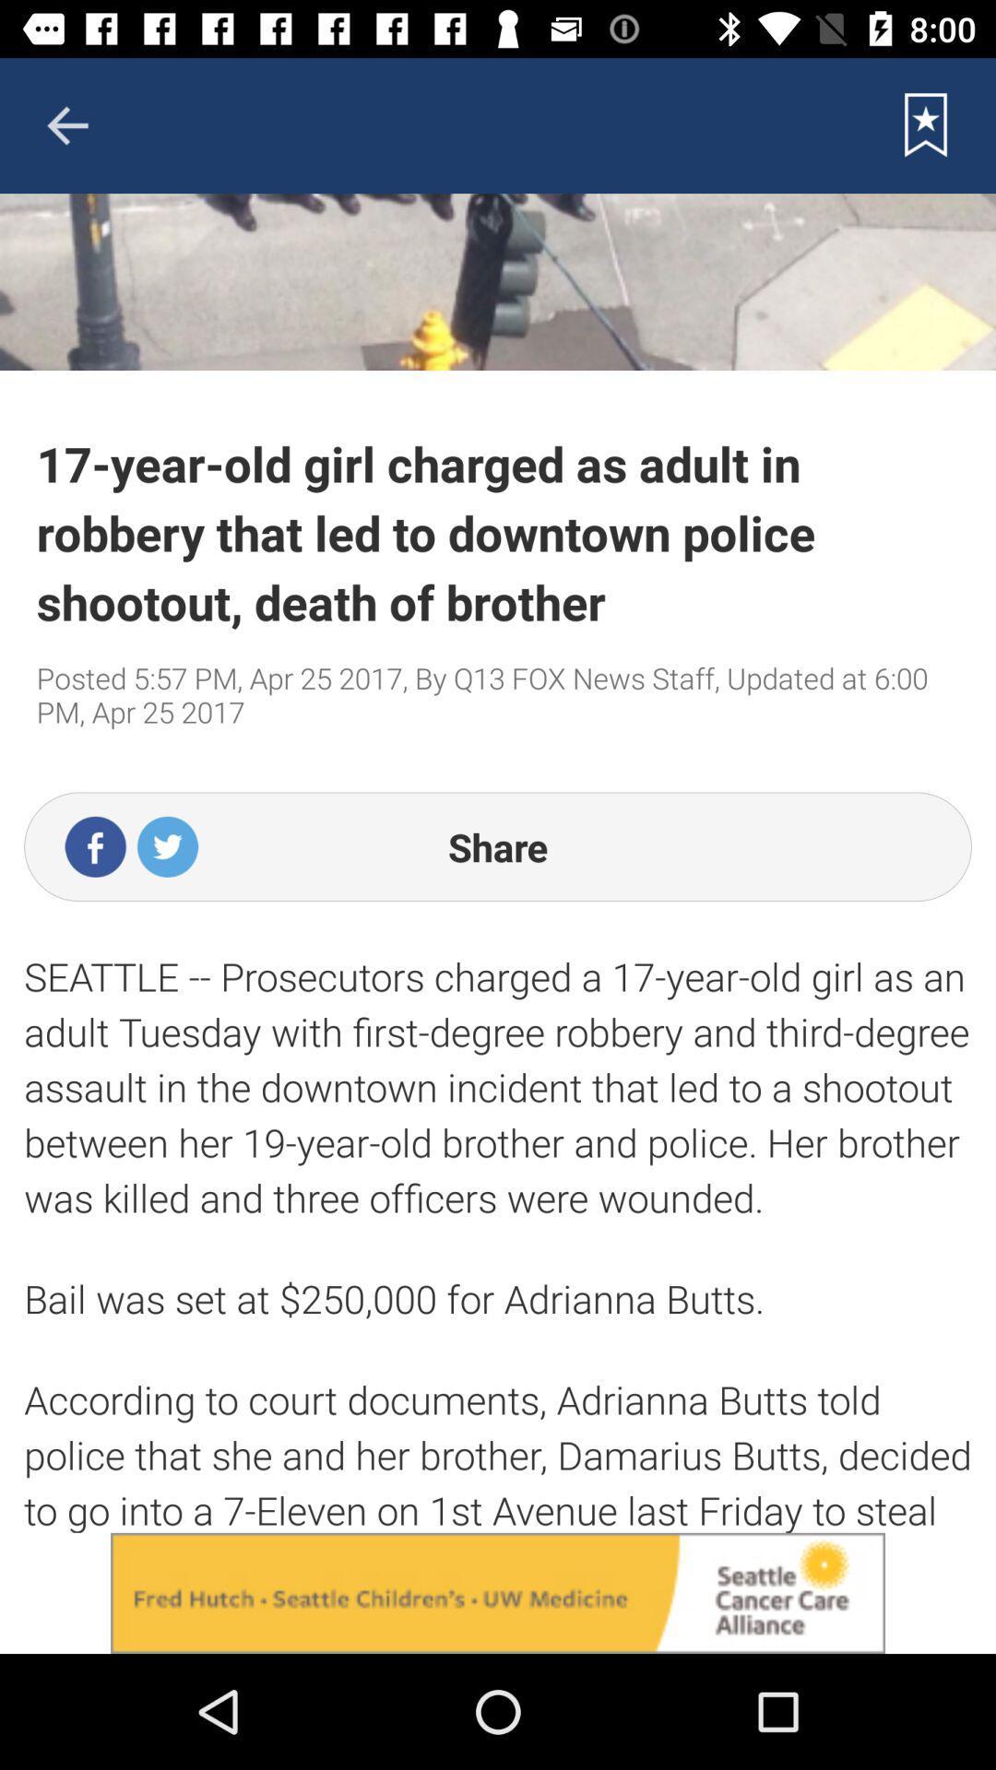 Image resolution: width=996 pixels, height=1770 pixels. I want to click on save, so click(926, 124).